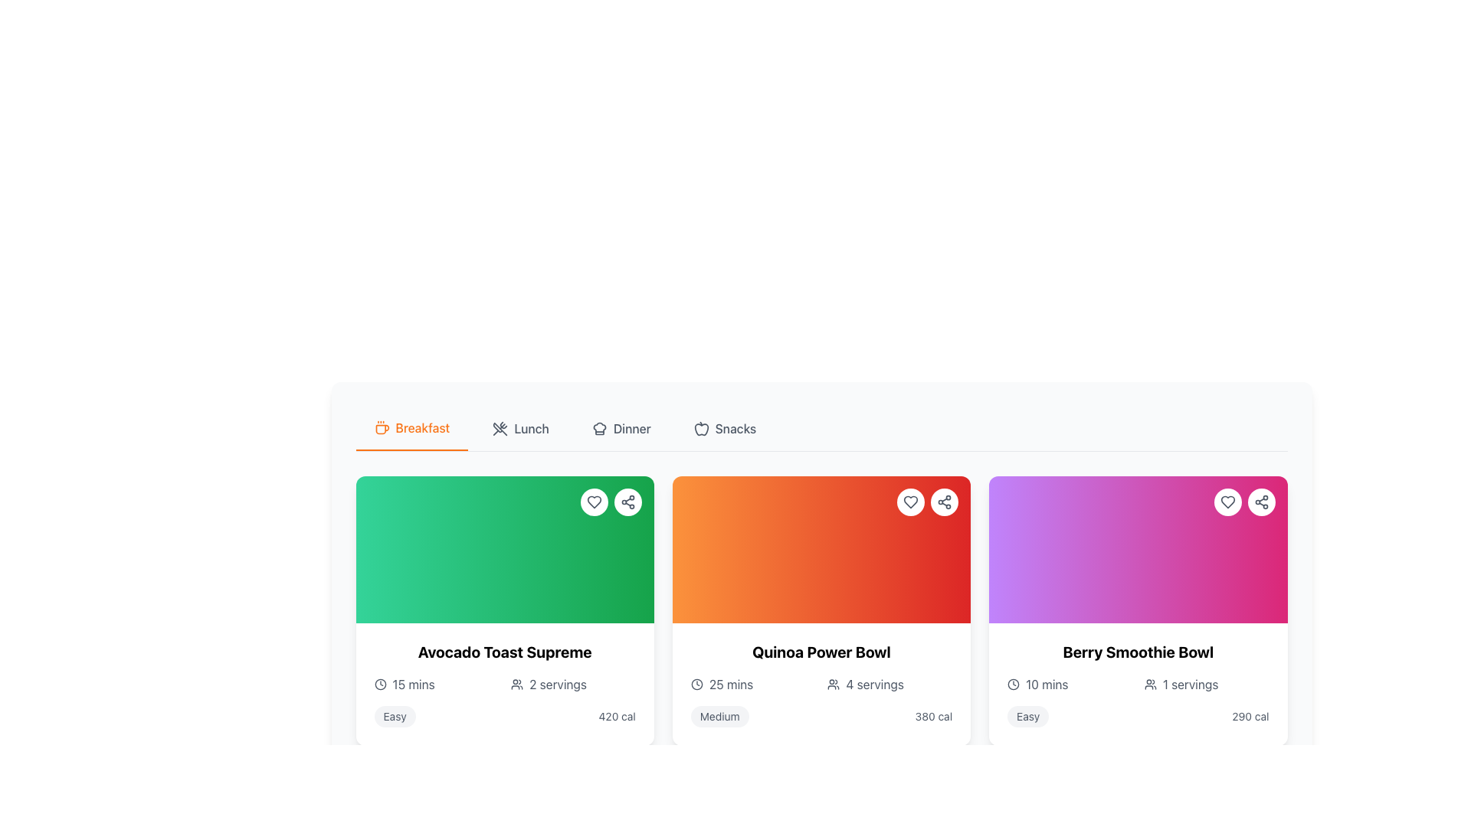 This screenshot has width=1471, height=827. I want to click on the small pill-shaped badge with a light gray background displaying the text 'Easy', located in the lower-left part of the 'Berry Smoothie Bowl' card, so click(1028, 717).